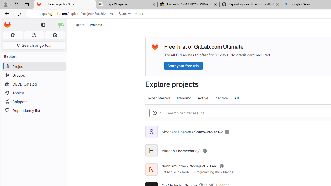  Describe the element at coordinates (221, 166) in the screenshot. I see `'Class: s16'` at that location.